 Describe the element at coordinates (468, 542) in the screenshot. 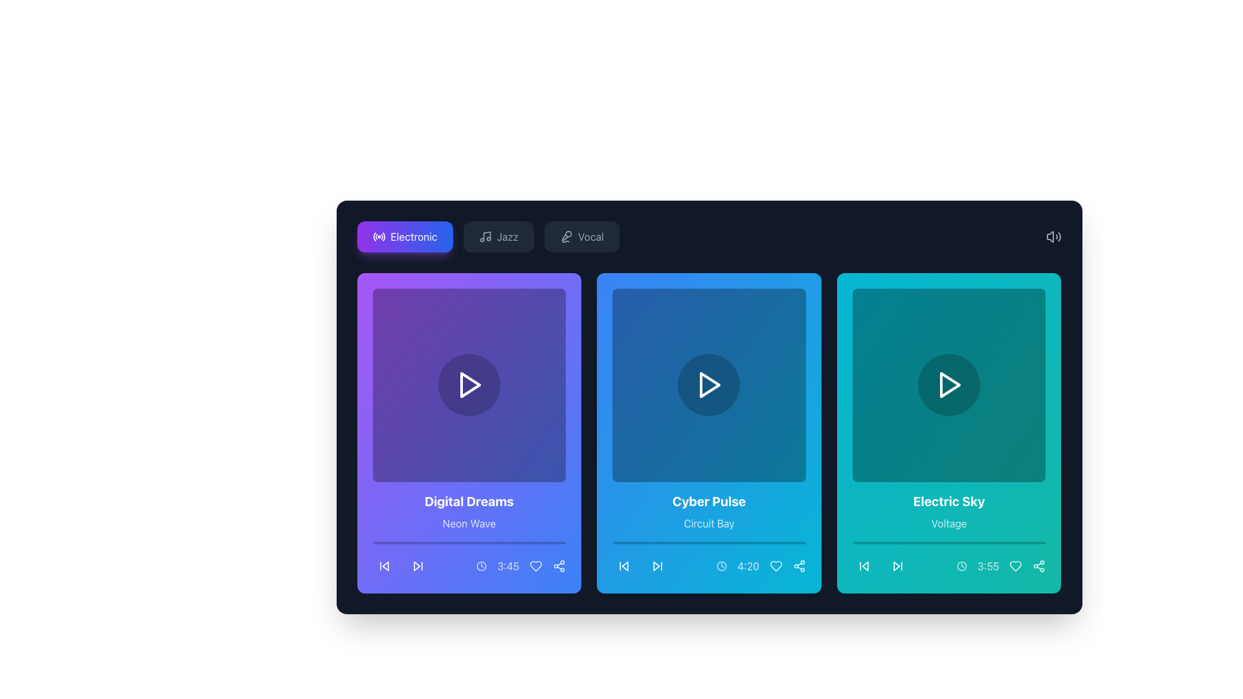

I see `the horizontal progress bar located below the text 'Neon Wave' within the 'Digital Dreams' card, which has a black background and a white progress indicator` at that location.